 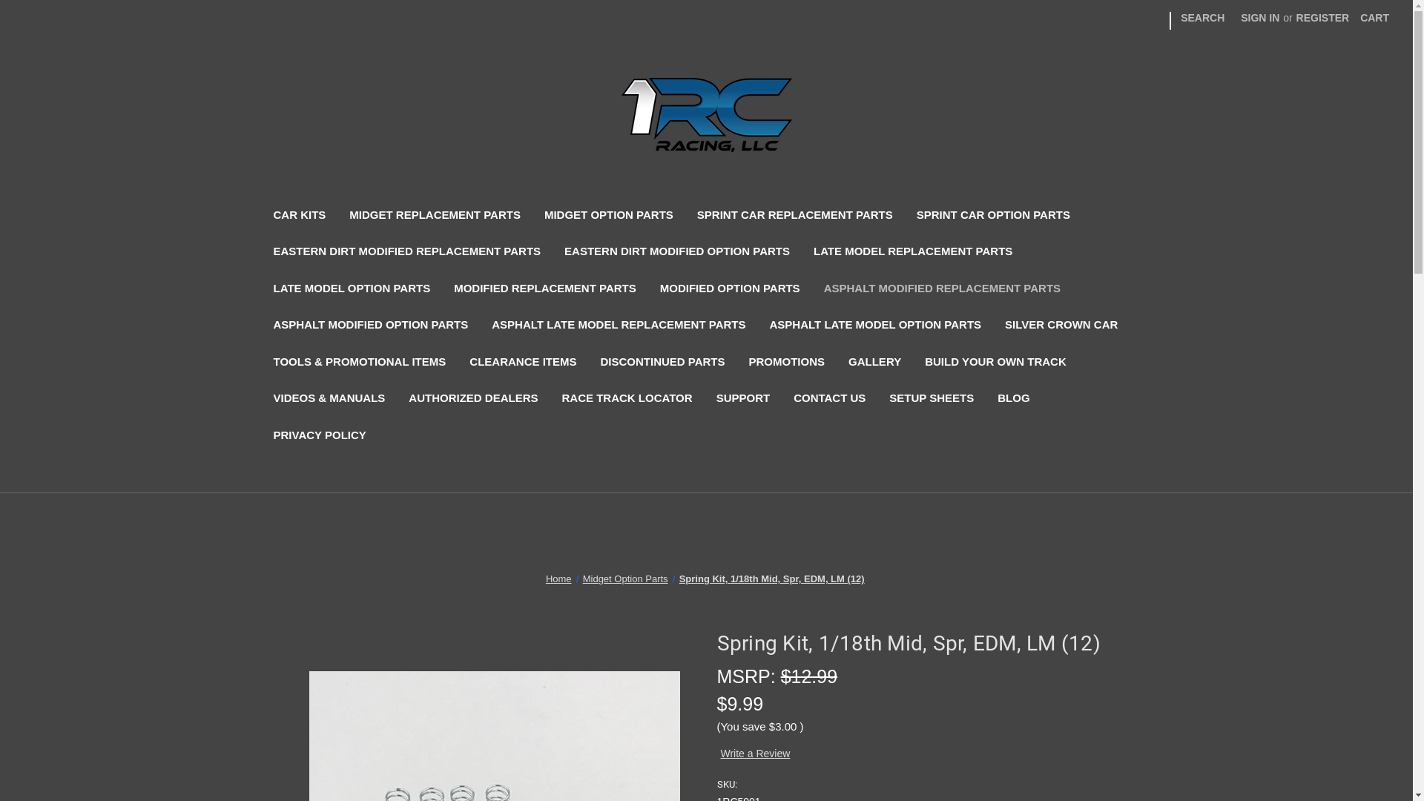 What do you see at coordinates (874, 363) in the screenshot?
I see `'GALLERY'` at bounding box center [874, 363].